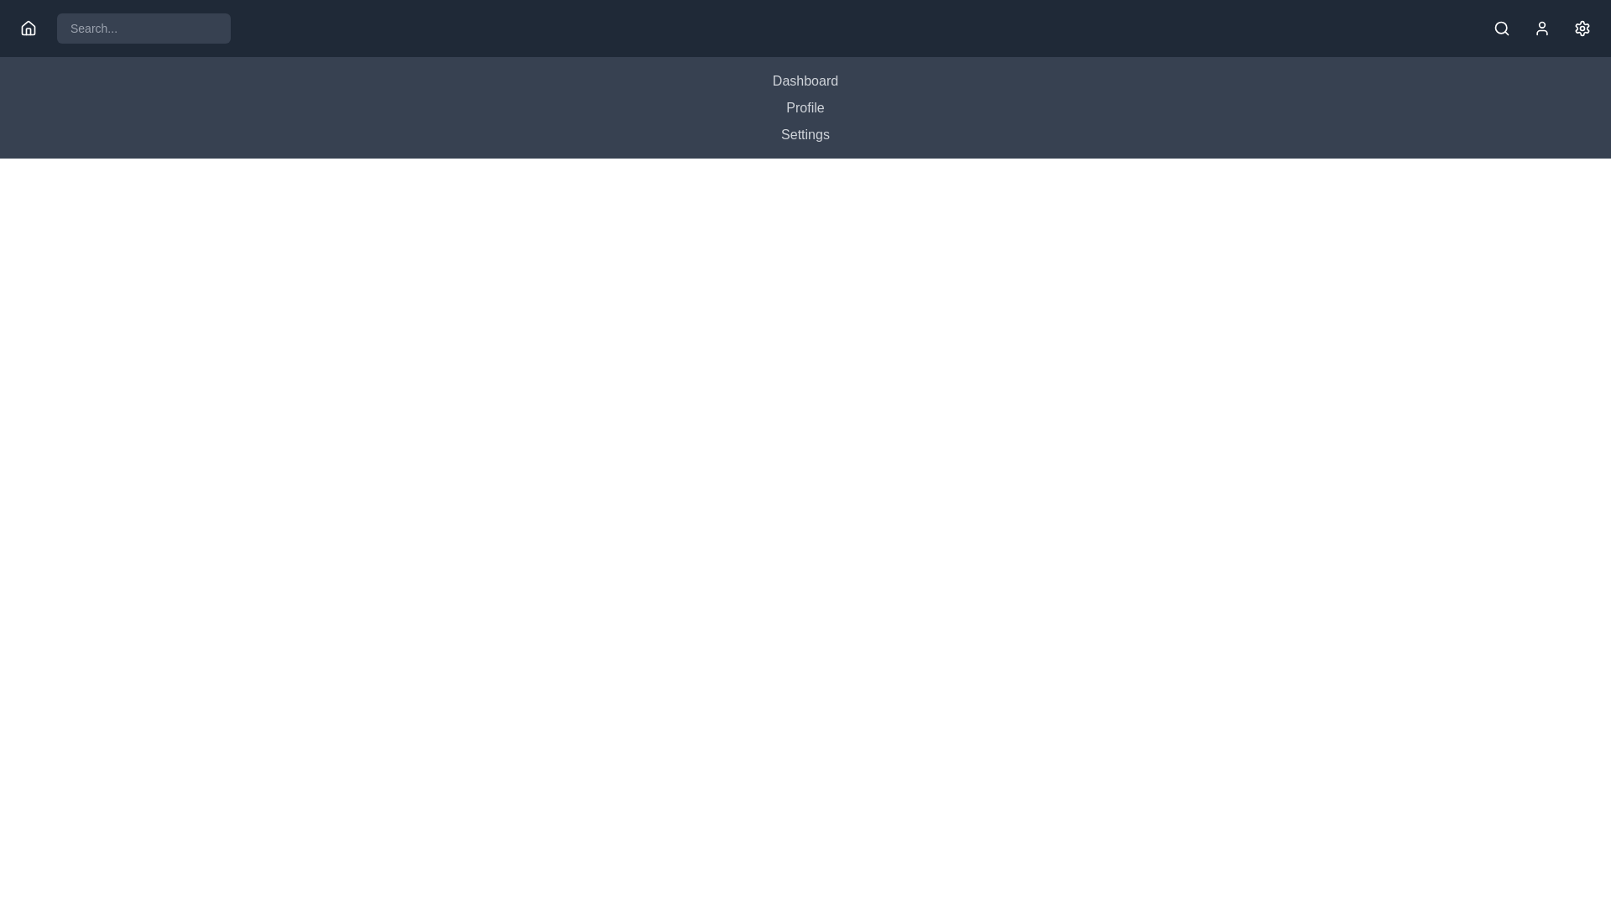 This screenshot has height=906, width=1611. Describe the element at coordinates (1502, 29) in the screenshot. I see `the search icon button located at the top-right corner of the header bar` at that location.